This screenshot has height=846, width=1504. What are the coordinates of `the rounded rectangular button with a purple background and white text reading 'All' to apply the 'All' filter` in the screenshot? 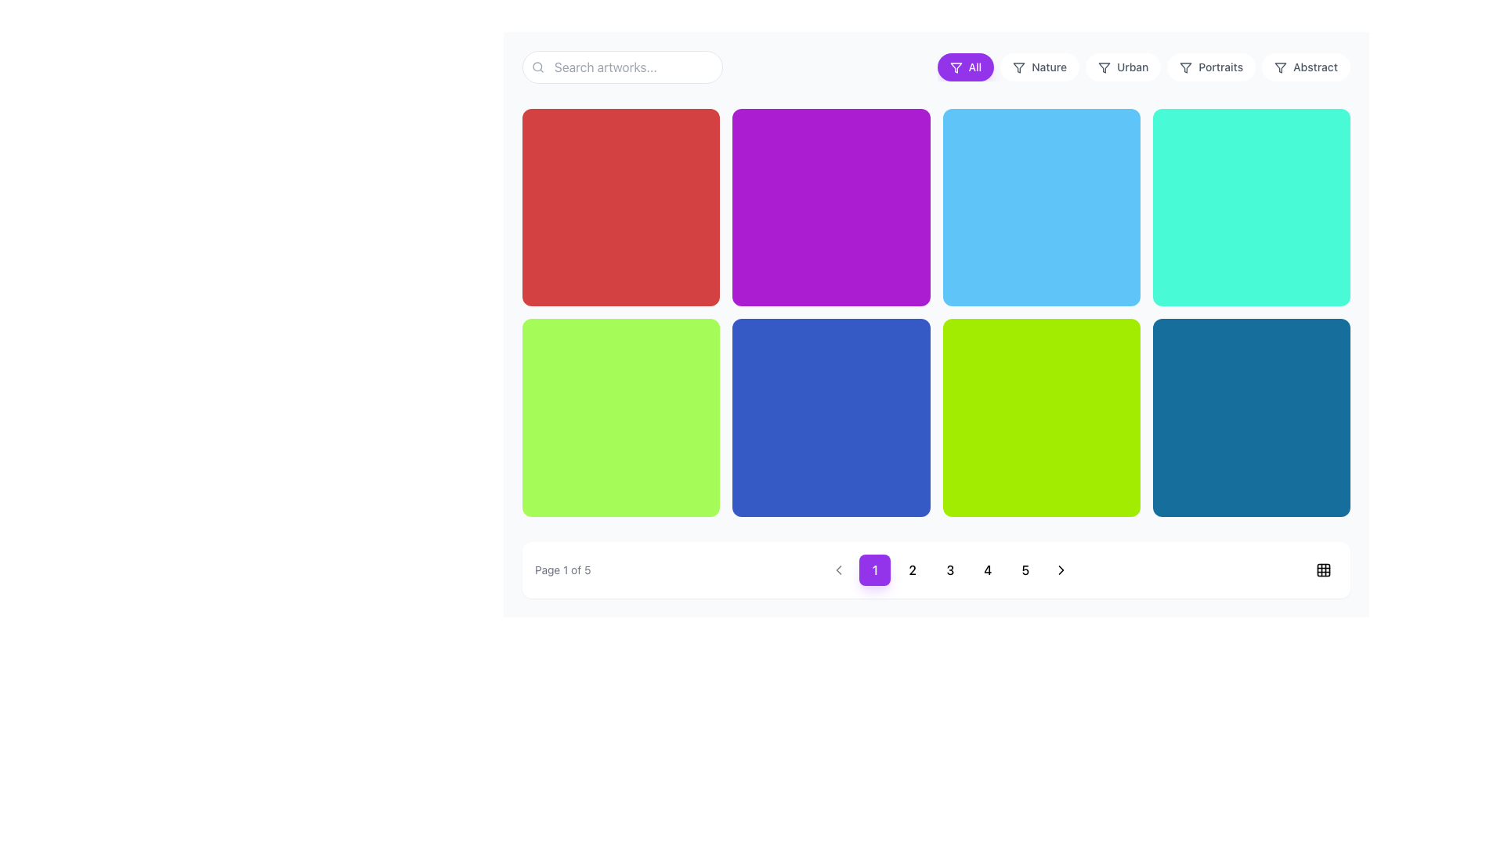 It's located at (964, 66).